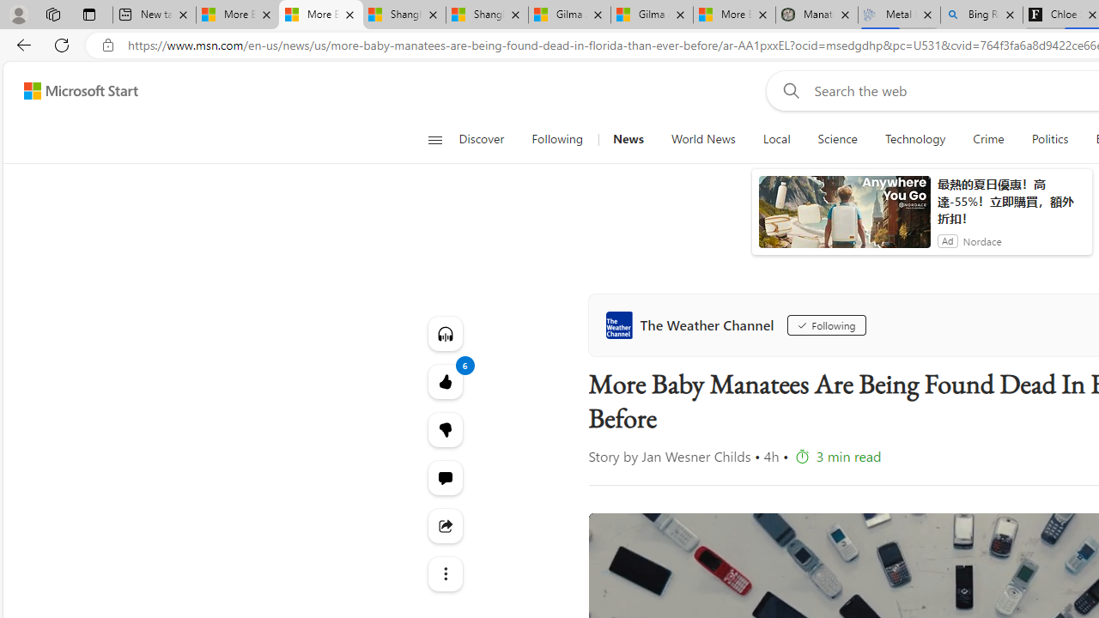 The image size is (1099, 618). Describe the element at coordinates (70, 90) in the screenshot. I see `'Skip to footer'` at that location.